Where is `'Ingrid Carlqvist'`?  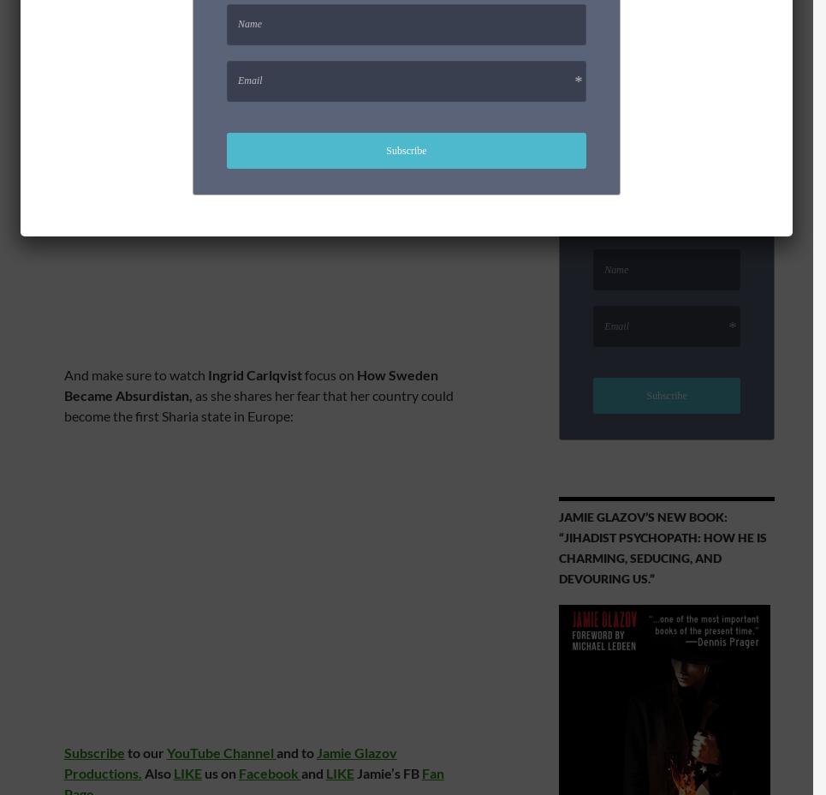 'Ingrid Carlqvist' is located at coordinates (254, 374).